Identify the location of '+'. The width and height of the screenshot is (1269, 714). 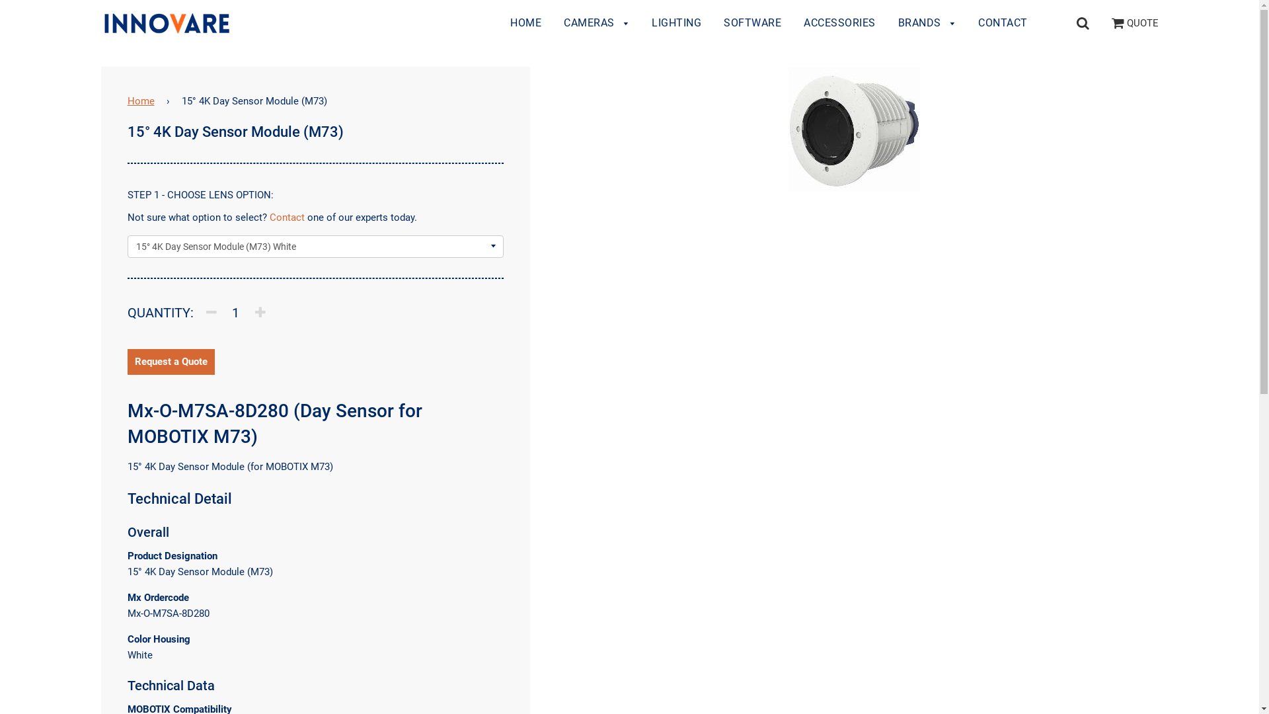
(260, 311).